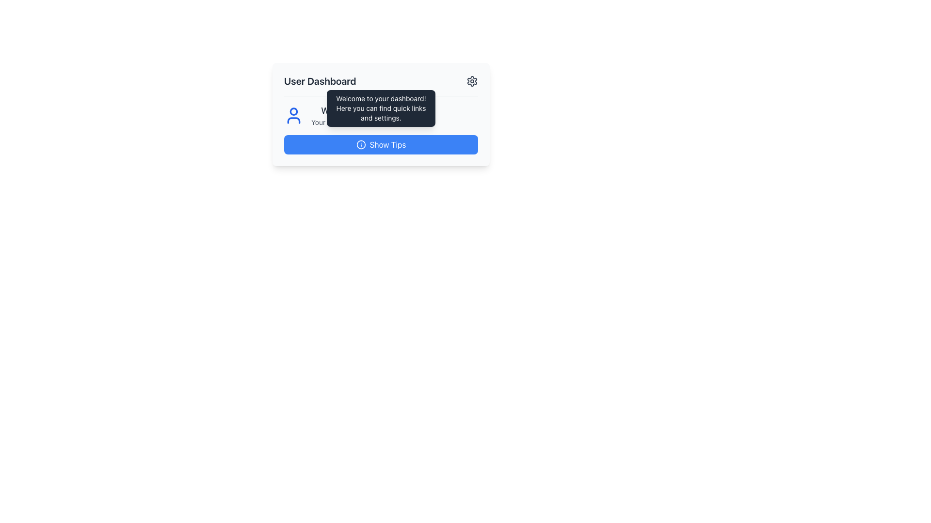  I want to click on the tooltip notification box that displays 'Welcome to your dashboard! Here you can find quick links and settings.', so click(381, 108).